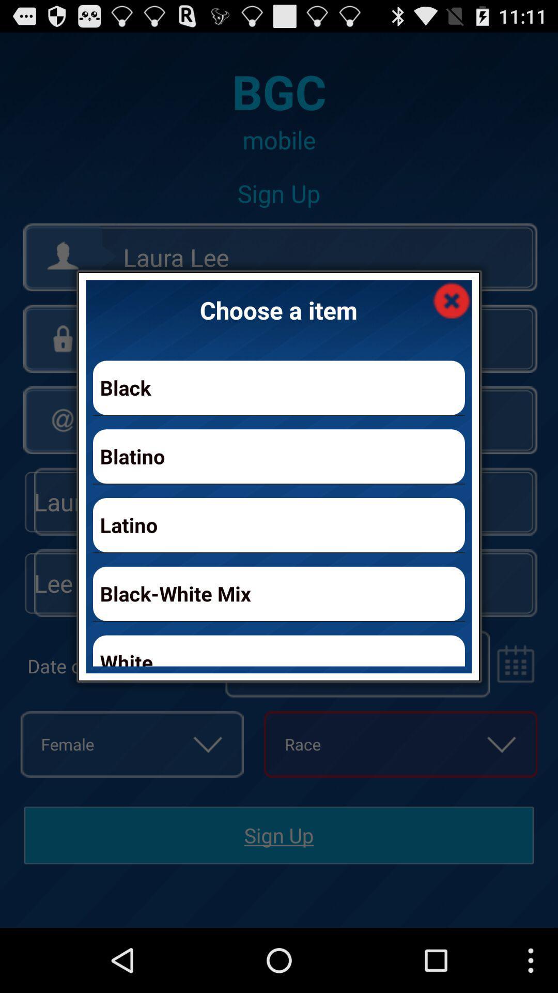 The width and height of the screenshot is (558, 993). I want to click on icon above black, so click(451, 299).